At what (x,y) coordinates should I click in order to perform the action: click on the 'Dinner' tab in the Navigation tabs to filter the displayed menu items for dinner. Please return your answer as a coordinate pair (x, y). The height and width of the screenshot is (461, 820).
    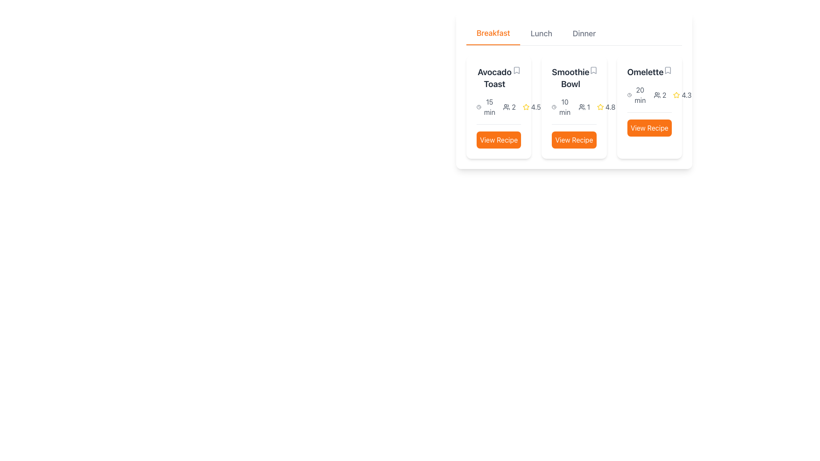
    Looking at the image, I should click on (574, 33).